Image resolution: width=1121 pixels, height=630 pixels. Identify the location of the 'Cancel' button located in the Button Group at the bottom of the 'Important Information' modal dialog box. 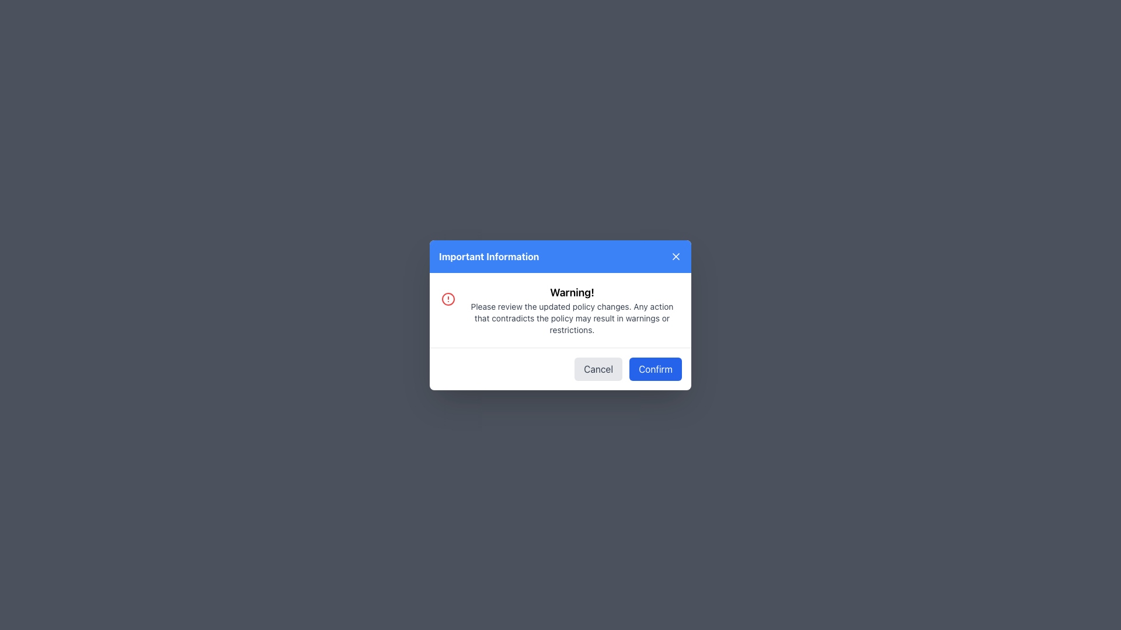
(560, 369).